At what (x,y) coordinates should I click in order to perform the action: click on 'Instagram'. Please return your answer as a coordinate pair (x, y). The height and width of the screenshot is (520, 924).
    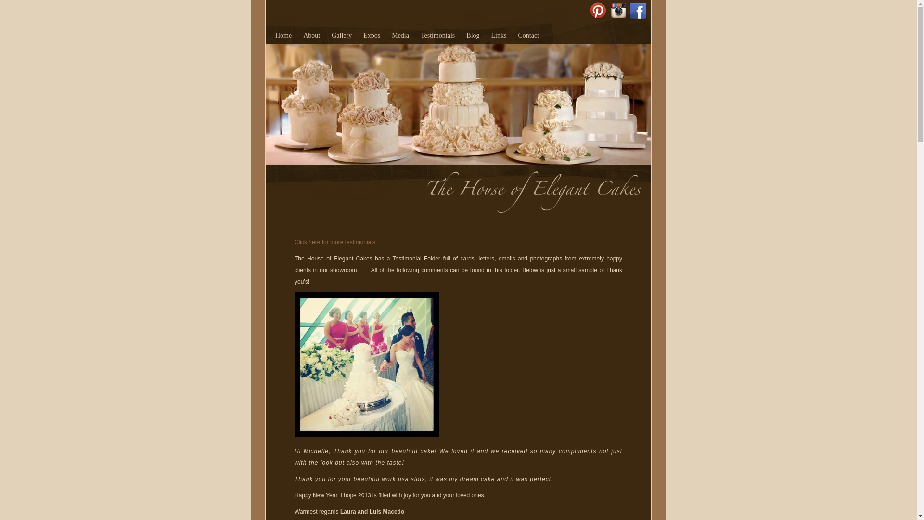
    Looking at the image, I should click on (618, 5).